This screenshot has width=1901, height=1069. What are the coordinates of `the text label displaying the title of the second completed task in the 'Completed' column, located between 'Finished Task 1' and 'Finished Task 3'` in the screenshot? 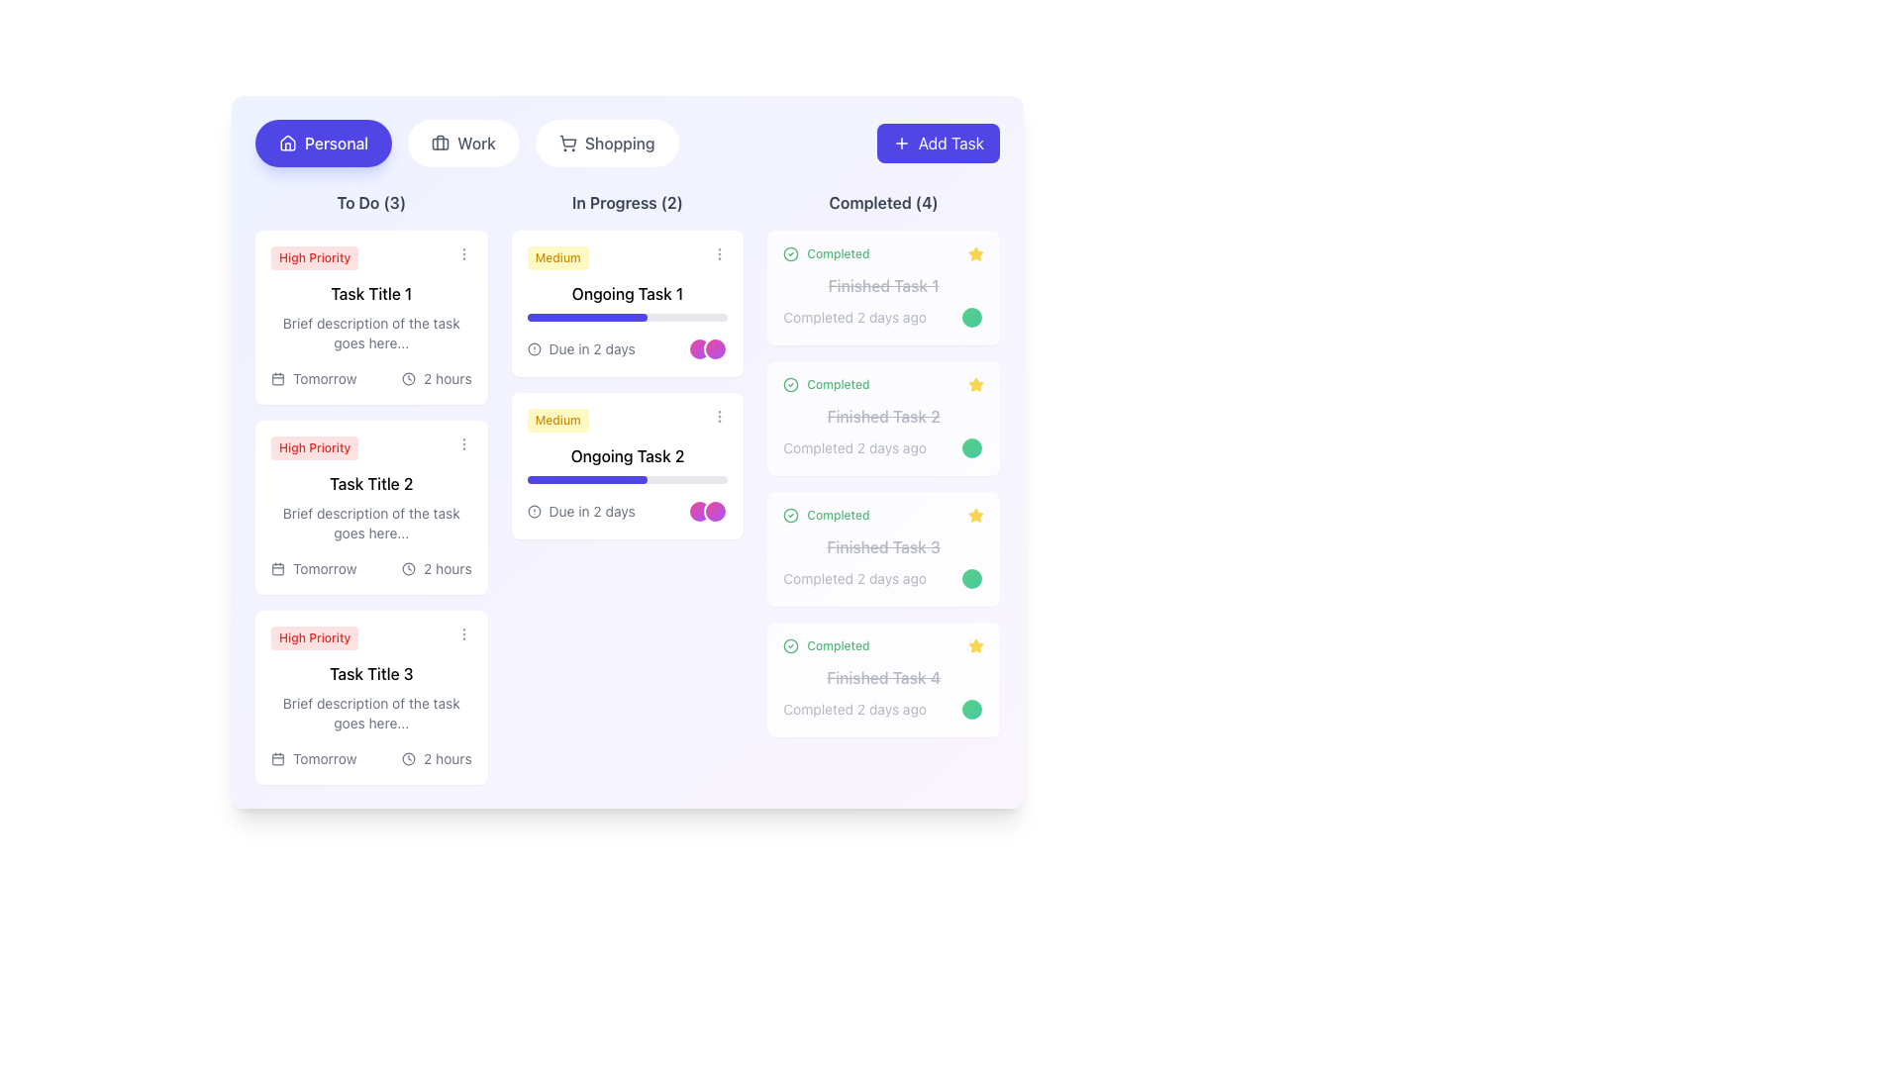 It's located at (882, 415).